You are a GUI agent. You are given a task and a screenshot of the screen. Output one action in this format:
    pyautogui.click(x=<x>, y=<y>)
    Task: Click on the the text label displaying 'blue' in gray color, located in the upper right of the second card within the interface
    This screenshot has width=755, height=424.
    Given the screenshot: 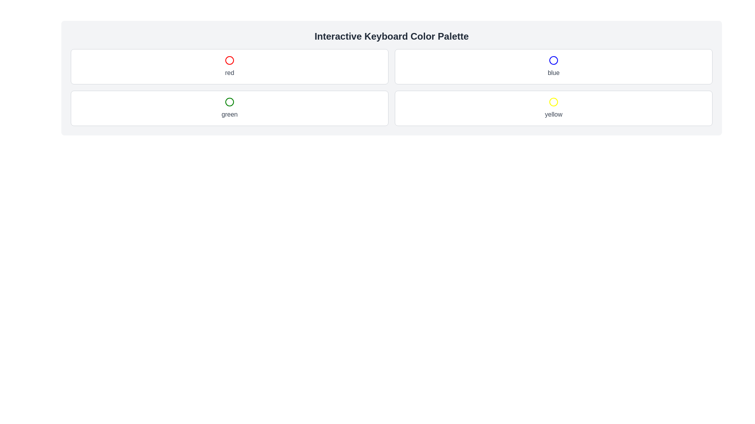 What is the action you would take?
    pyautogui.click(x=553, y=73)
    